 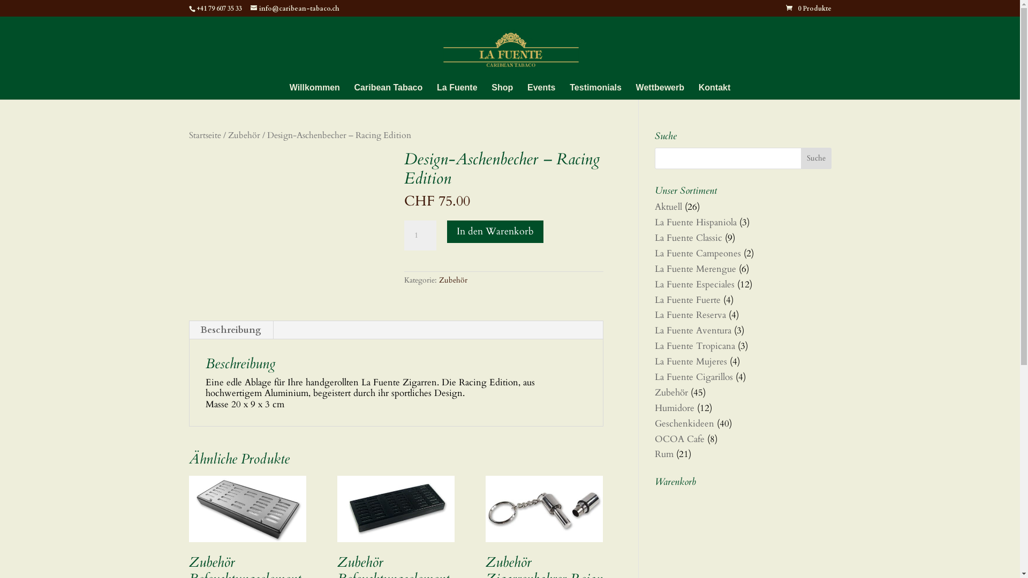 I want to click on 'La Fuente Reserva', so click(x=690, y=314).